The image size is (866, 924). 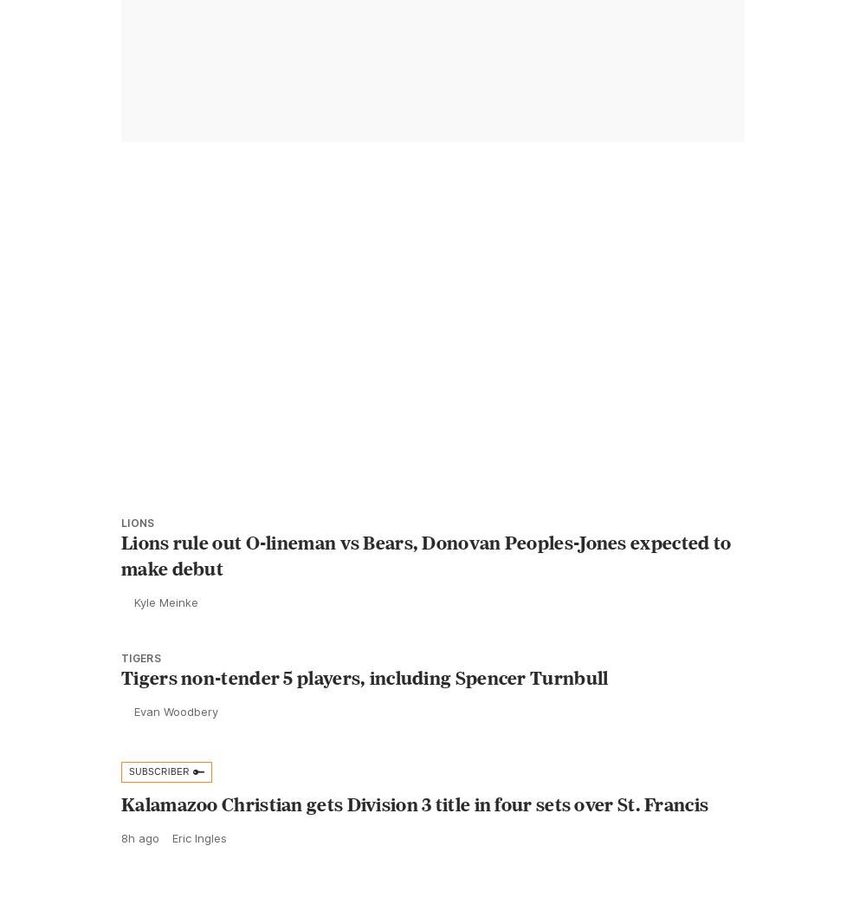 What do you see at coordinates (414, 842) in the screenshot?
I see `'Kalamazoo Christian gets Division 3 title in four sets over St. Francis'` at bounding box center [414, 842].